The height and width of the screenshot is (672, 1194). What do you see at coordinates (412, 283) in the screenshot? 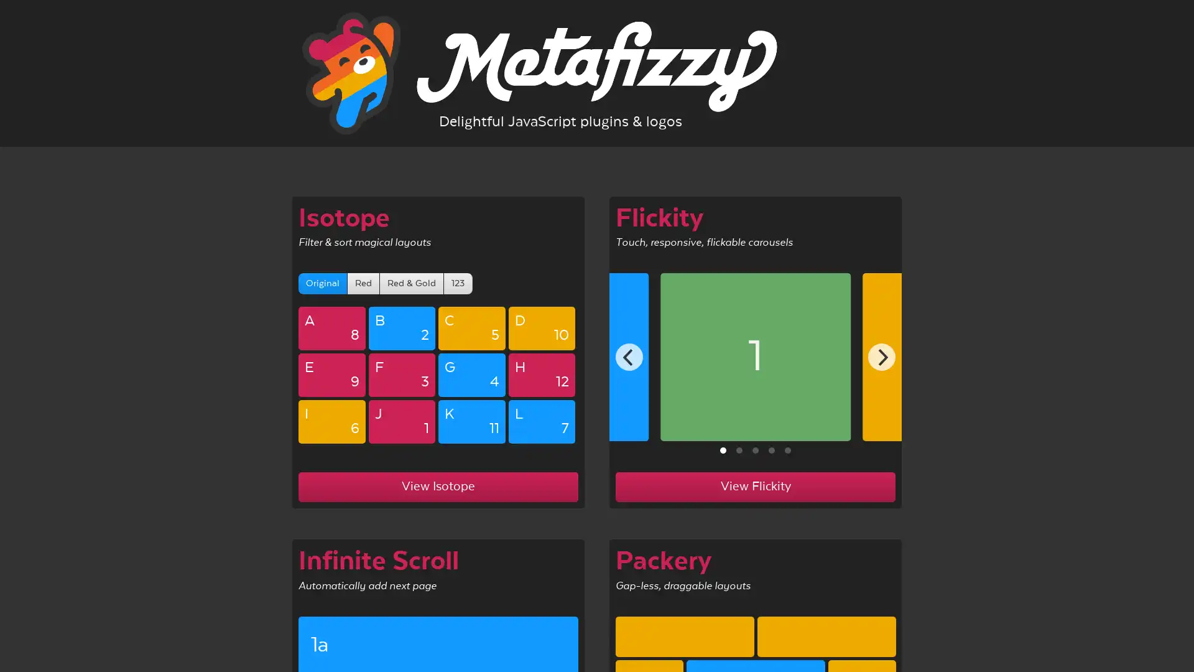
I see `Red & Gold` at bounding box center [412, 283].